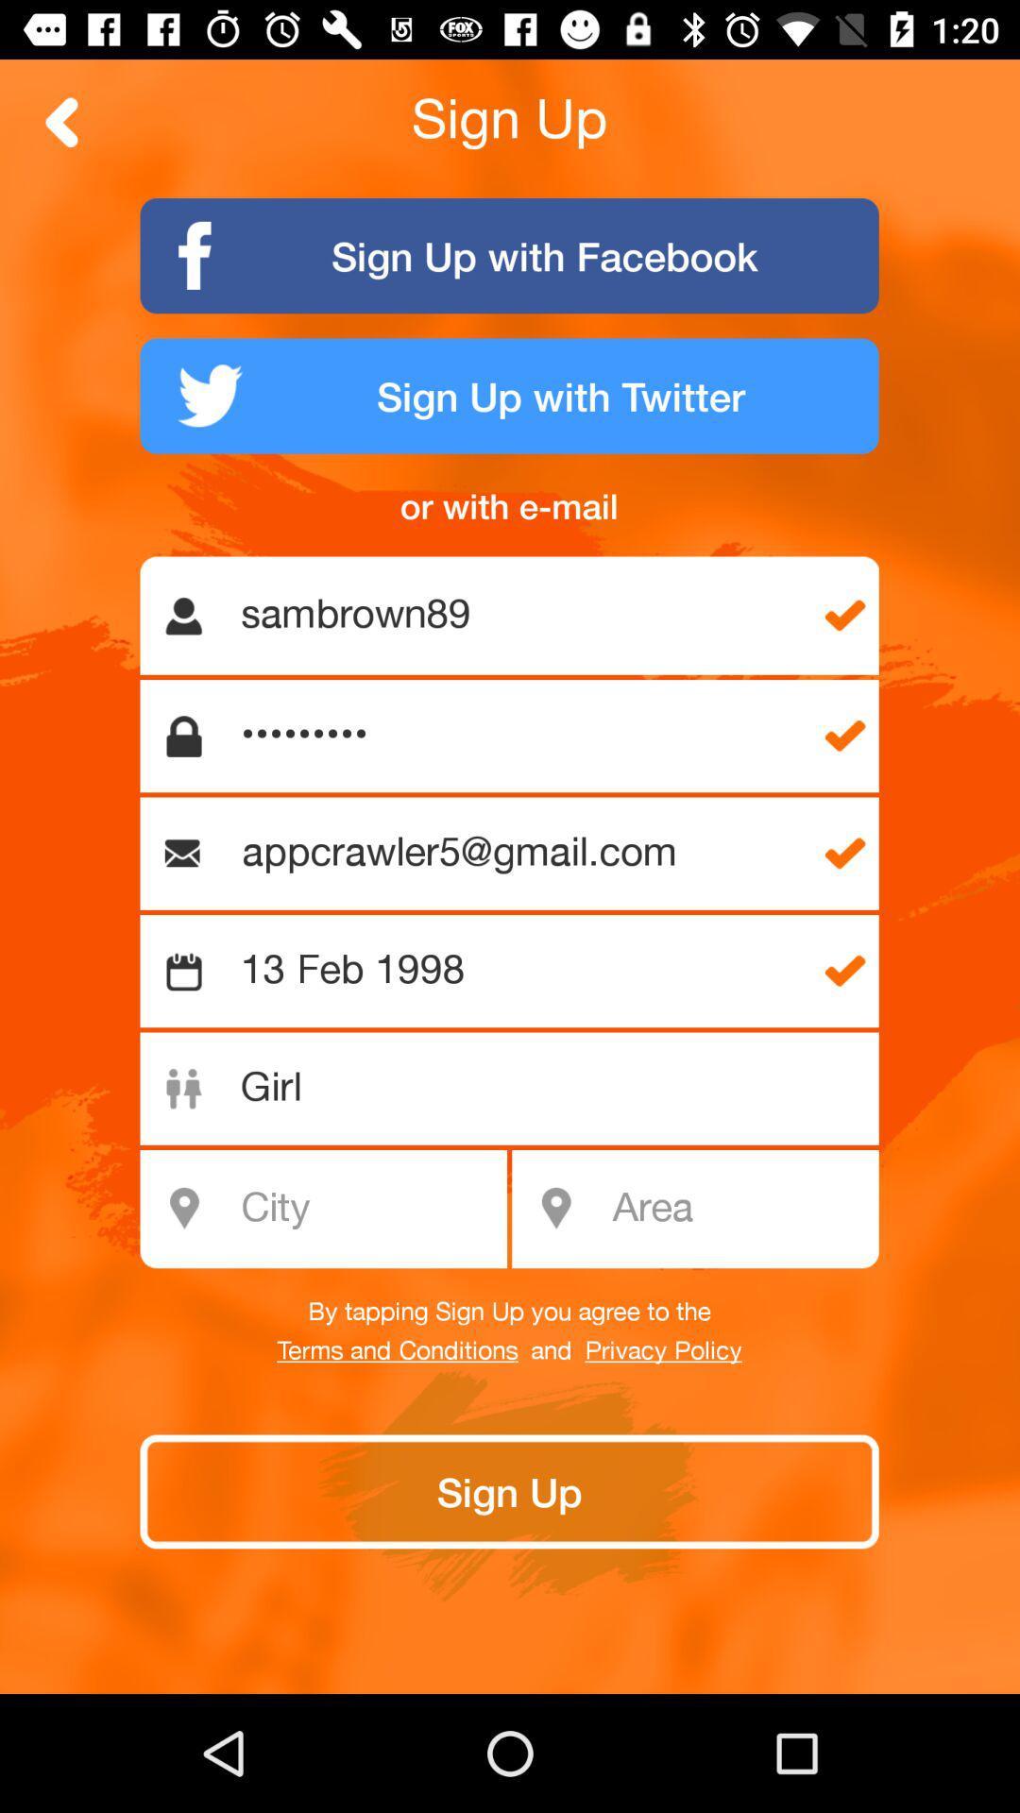  What do you see at coordinates (333, 1209) in the screenshot?
I see `city name` at bounding box center [333, 1209].